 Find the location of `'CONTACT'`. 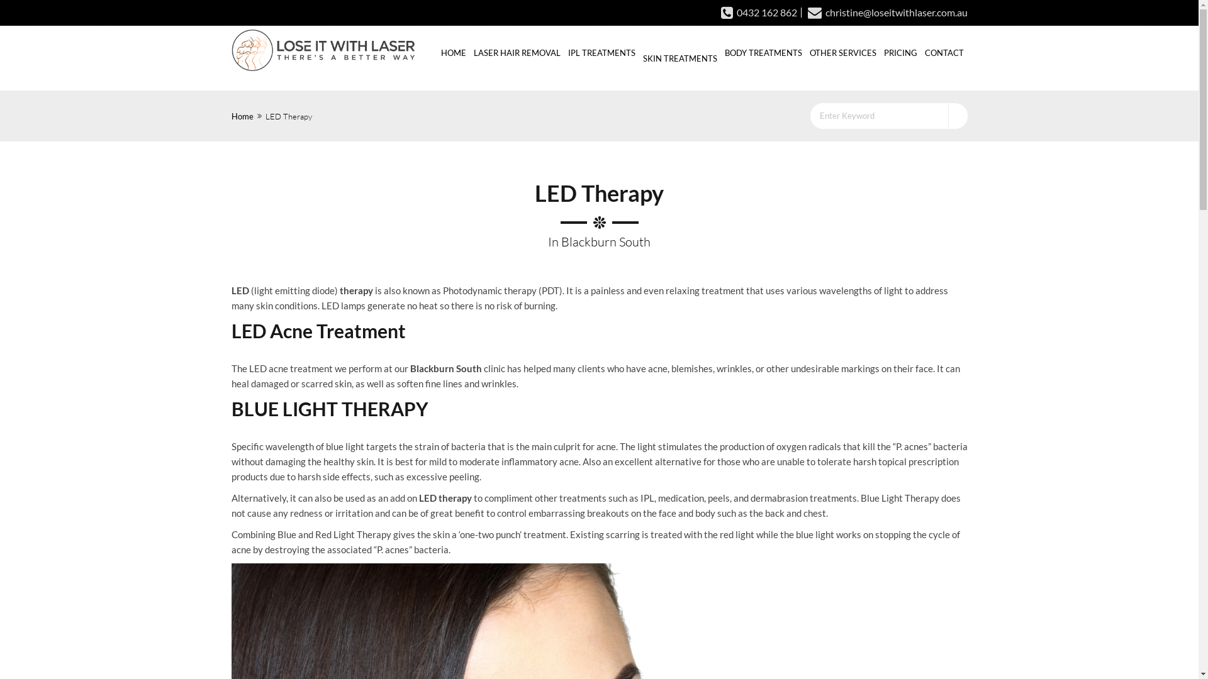

'CONTACT' is located at coordinates (944, 52).